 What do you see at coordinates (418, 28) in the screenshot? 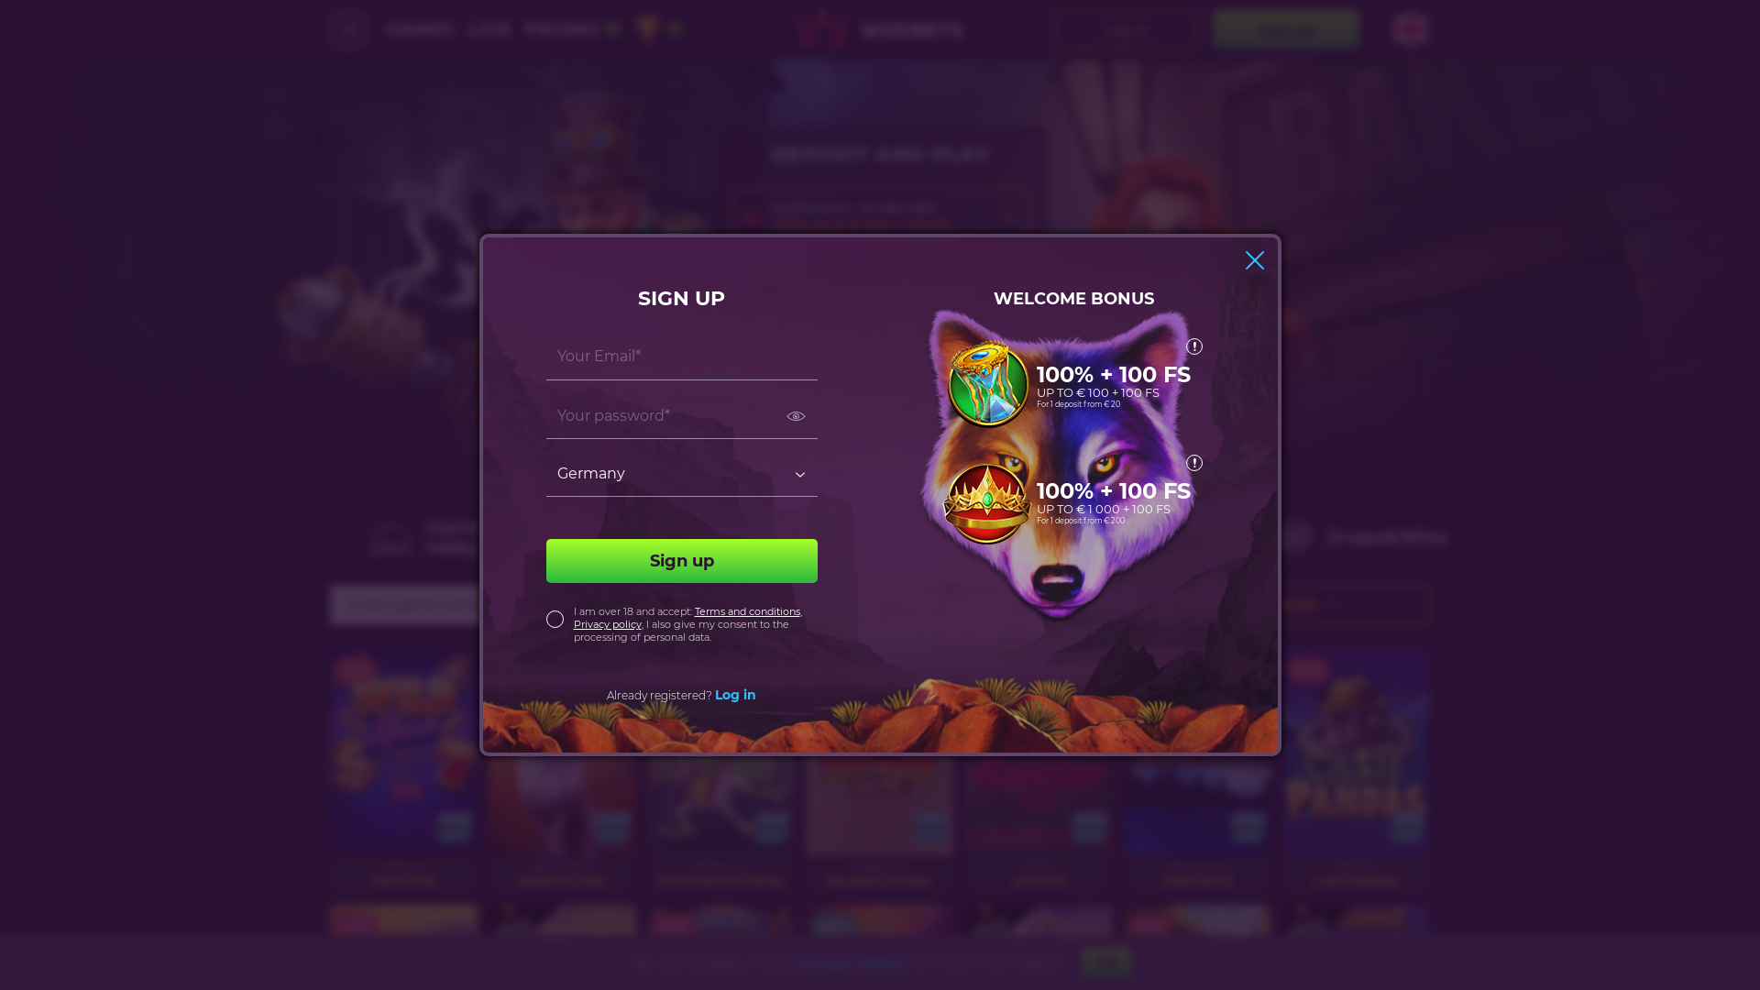
I see `'GAMES'` at bounding box center [418, 28].